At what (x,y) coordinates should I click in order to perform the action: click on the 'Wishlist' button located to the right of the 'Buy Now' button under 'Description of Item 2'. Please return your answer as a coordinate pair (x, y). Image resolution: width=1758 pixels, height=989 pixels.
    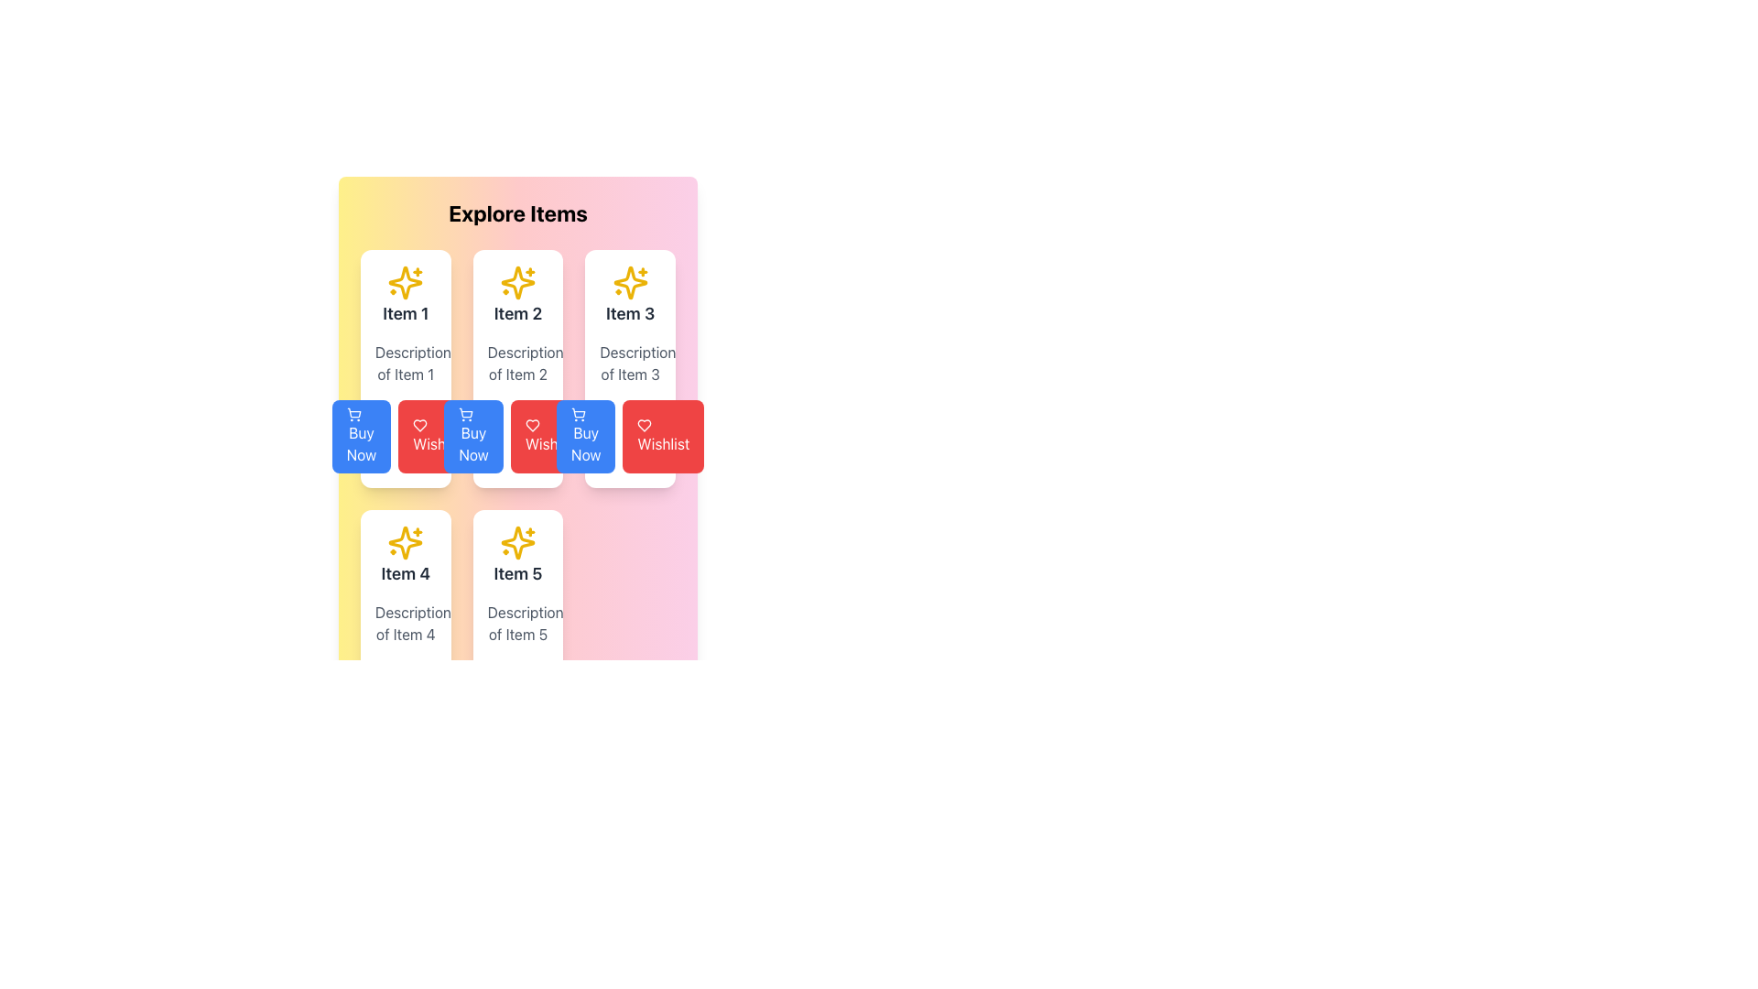
    Looking at the image, I should click on (517, 437).